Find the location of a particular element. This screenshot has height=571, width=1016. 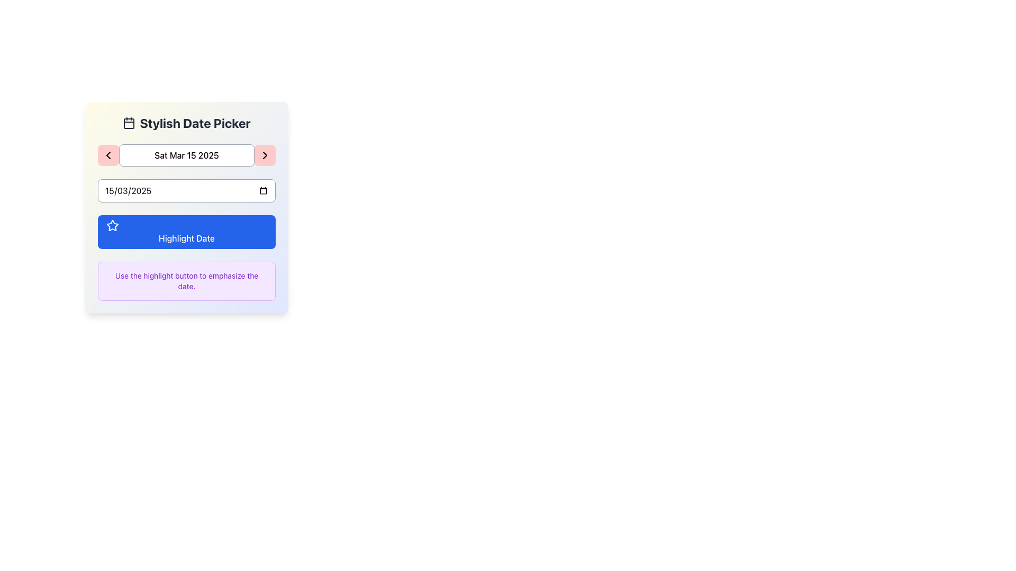

the displayed date on the Informational Display of the Stylish Date Picker, which is centrally located between navigation buttons and above the date input field is located at coordinates (187, 155).